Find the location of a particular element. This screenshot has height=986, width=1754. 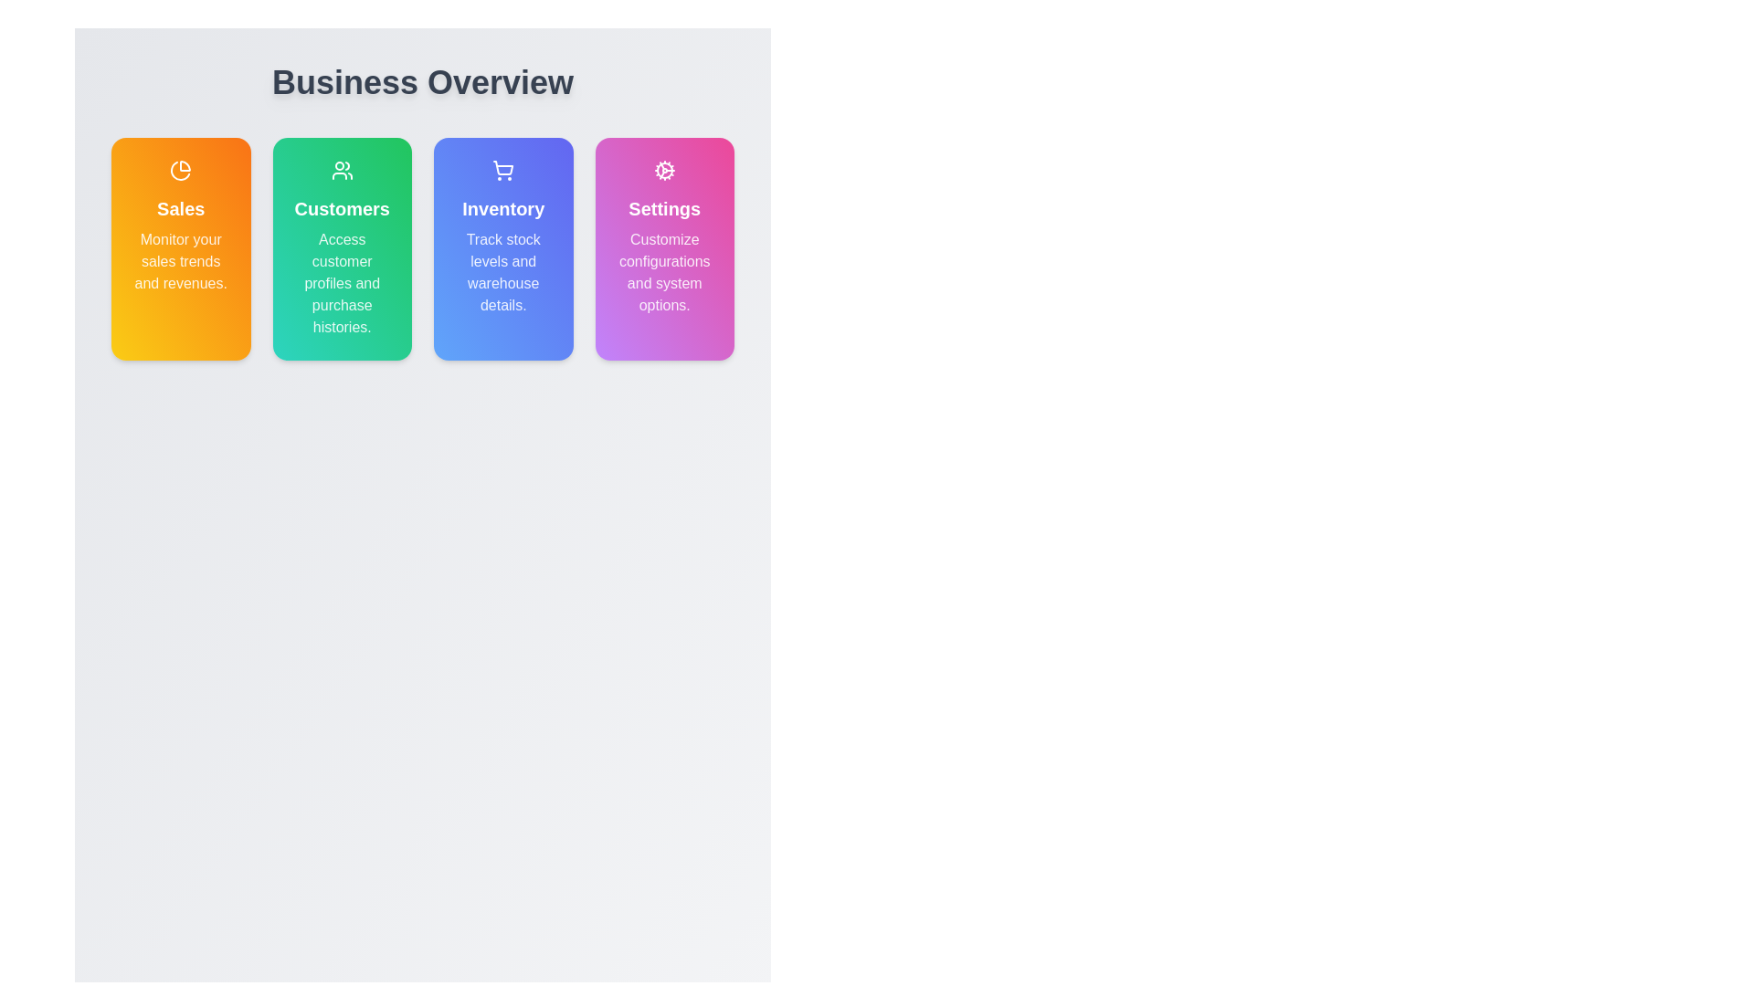

'Customers' heading label, which is the title of the second green card in the 'Business Overview' section, located below the green customers icon and above the description text is located at coordinates (342, 207).